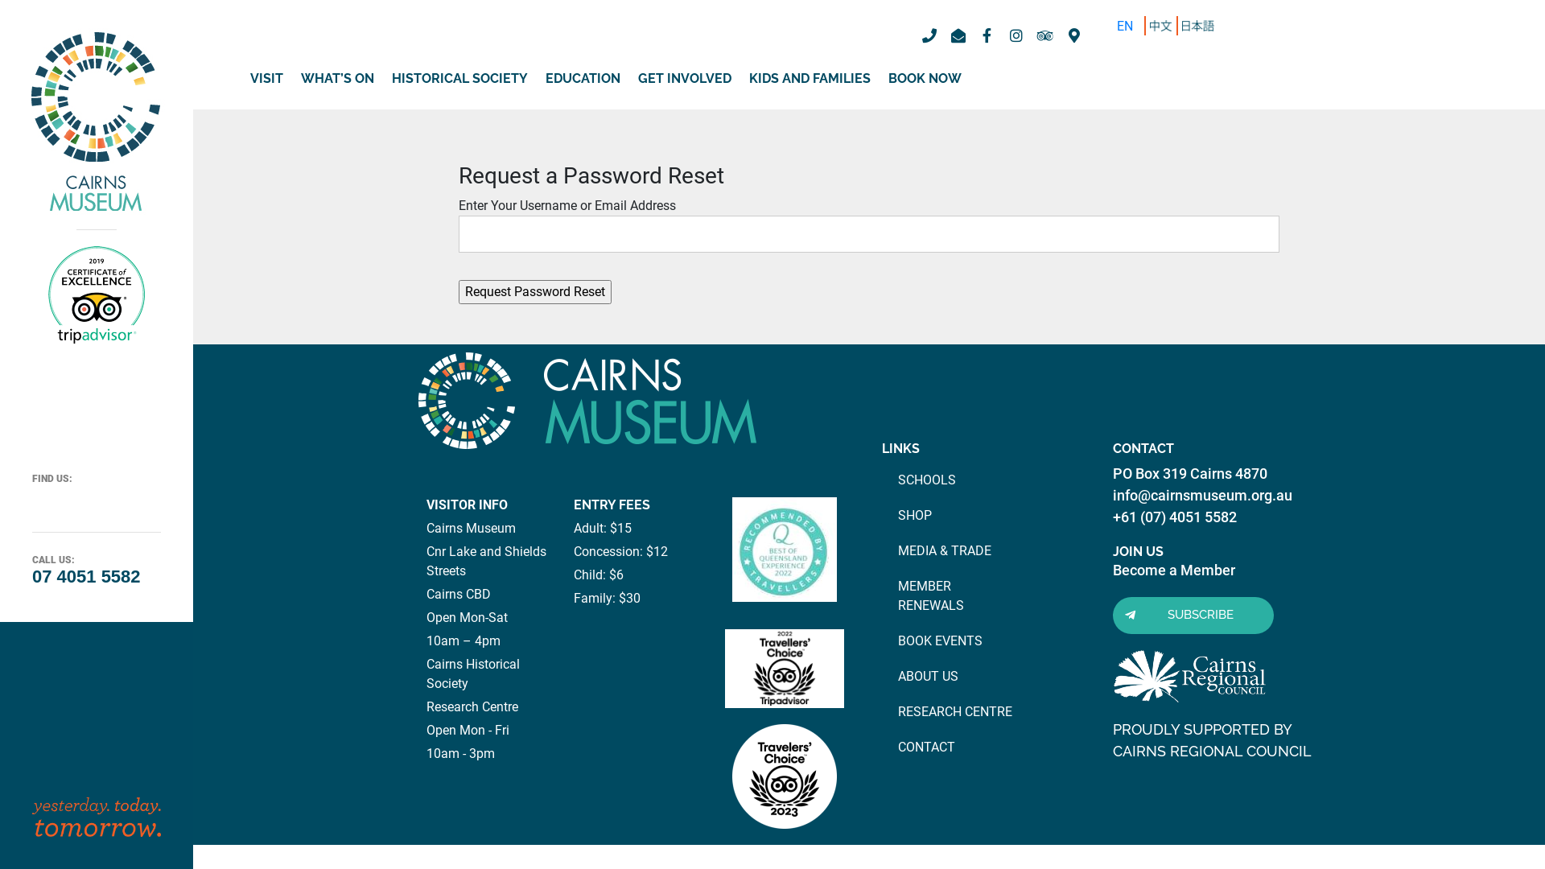  I want to click on 'BOOK NOW', so click(925, 78).